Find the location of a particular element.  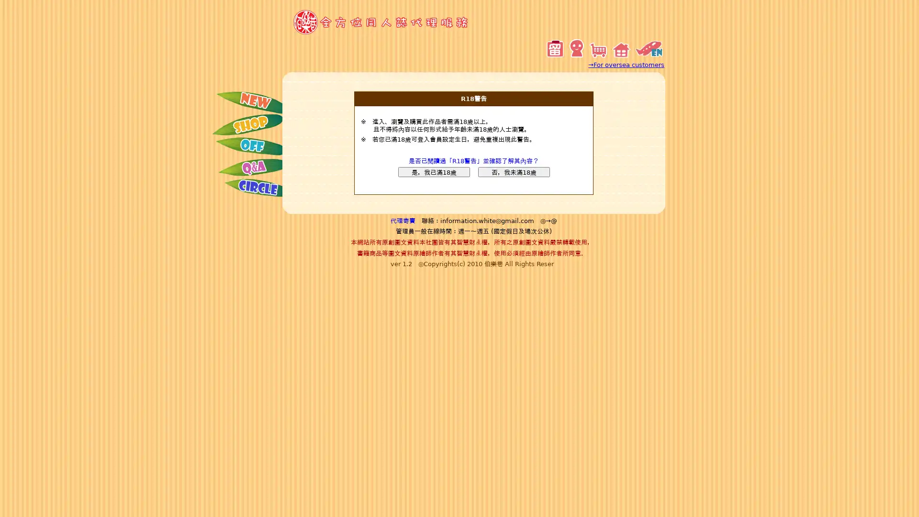

,18 is located at coordinates (433, 171).